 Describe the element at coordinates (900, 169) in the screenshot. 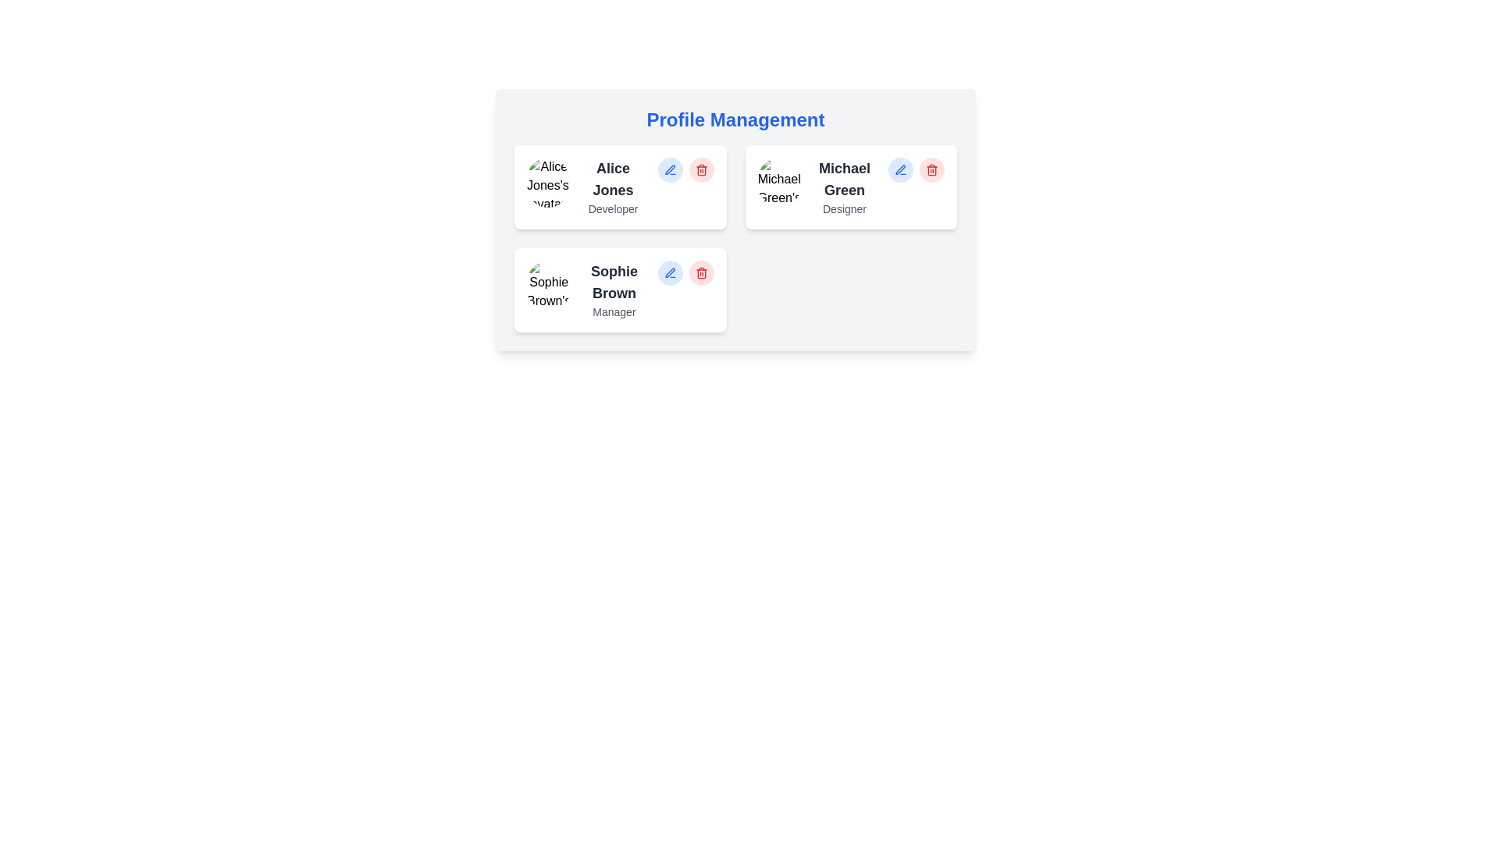

I see `the editing icon located within Michael Green's profile card, to the right of his name and job title` at that location.